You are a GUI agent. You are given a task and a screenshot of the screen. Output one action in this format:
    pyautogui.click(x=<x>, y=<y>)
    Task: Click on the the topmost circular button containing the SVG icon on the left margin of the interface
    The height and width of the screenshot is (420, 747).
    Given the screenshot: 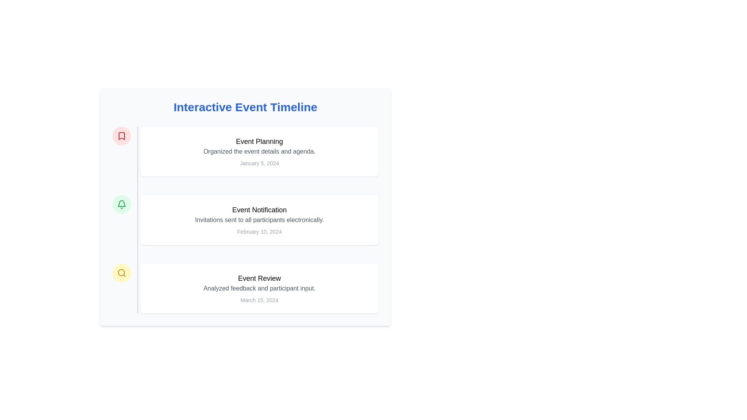 What is the action you would take?
    pyautogui.click(x=121, y=136)
    